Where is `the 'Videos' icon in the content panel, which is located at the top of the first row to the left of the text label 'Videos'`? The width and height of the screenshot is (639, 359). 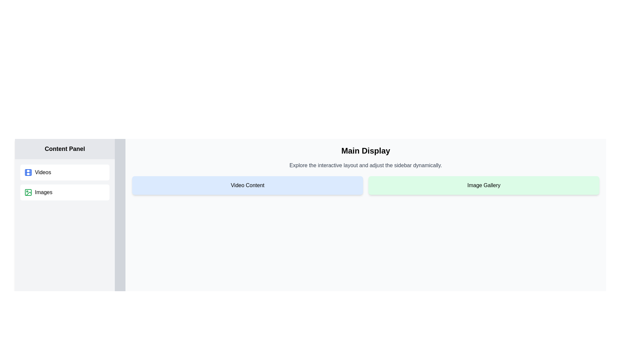 the 'Videos' icon in the content panel, which is located at the top of the first row to the left of the text label 'Videos' is located at coordinates (28, 172).